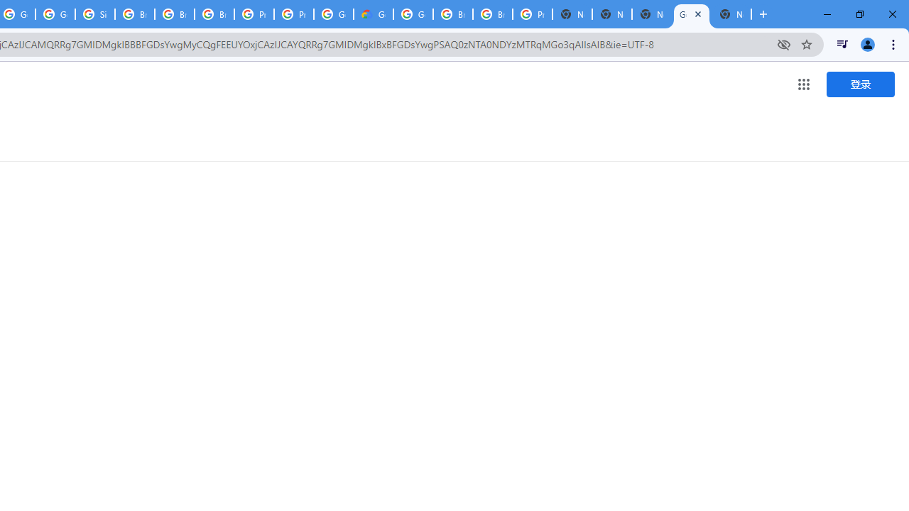 The width and height of the screenshot is (909, 511). I want to click on 'Browse Chrome as a guest - Computer - Google Chrome Help', so click(135, 14).